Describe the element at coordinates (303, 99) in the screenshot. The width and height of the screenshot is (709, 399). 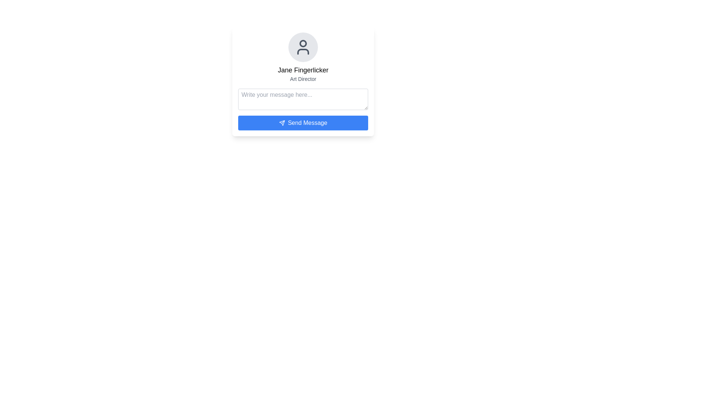
I see `the text input box styled with a light gray border and rounded corners, which has the placeholder text 'Write your message here...'` at that location.